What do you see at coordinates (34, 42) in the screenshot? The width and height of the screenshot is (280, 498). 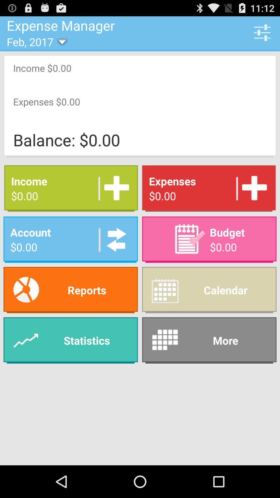 I see `the feb, 2017 icon` at bounding box center [34, 42].